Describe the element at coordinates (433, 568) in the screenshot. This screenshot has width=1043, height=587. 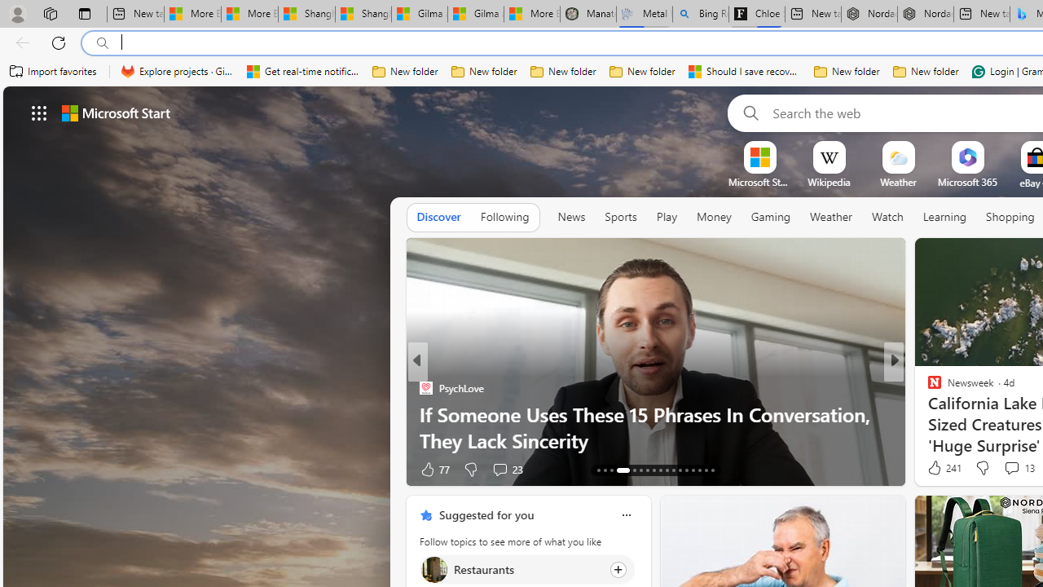
I see `'Restaurants'` at that location.